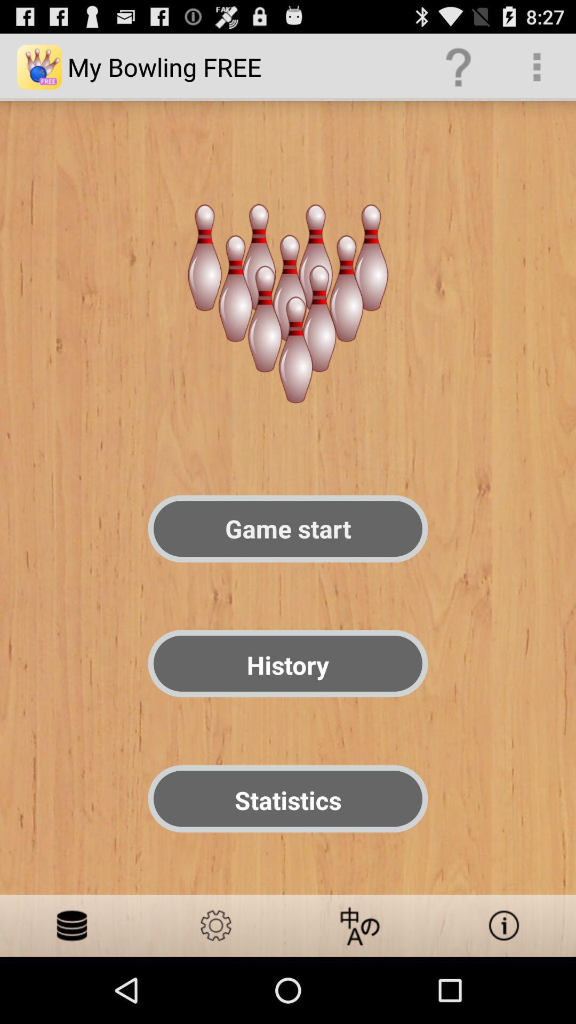 This screenshot has height=1024, width=576. What do you see at coordinates (216, 990) in the screenshot?
I see `the settings icon` at bounding box center [216, 990].